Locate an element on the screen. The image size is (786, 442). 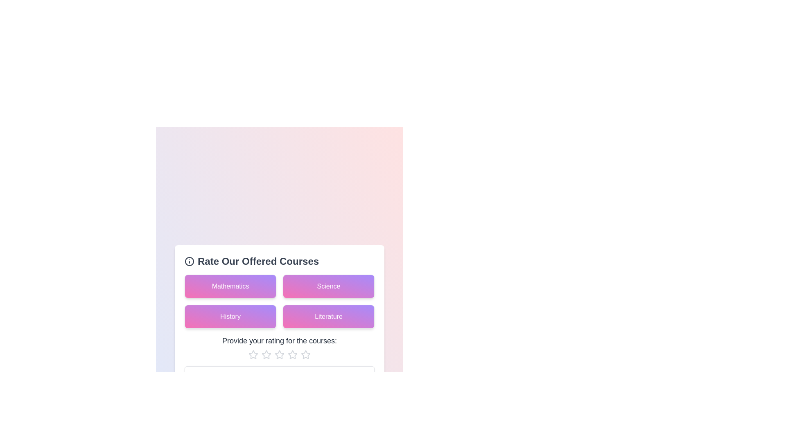
the course card labeled Mathematics is located at coordinates (230, 286).